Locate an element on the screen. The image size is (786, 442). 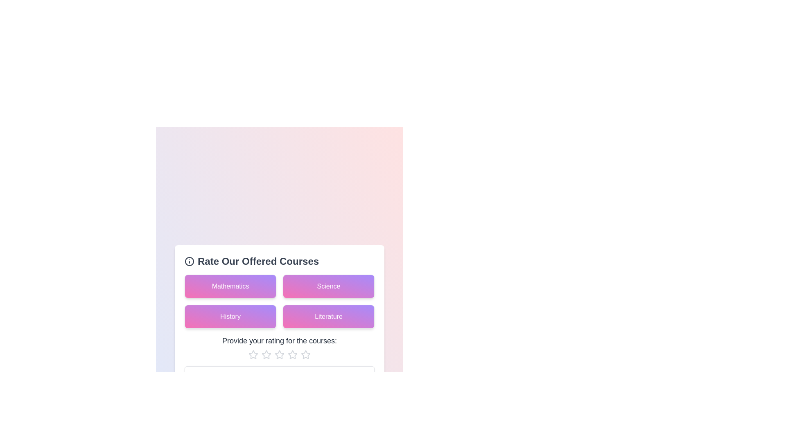
the course card labeled Mathematics is located at coordinates (230, 286).